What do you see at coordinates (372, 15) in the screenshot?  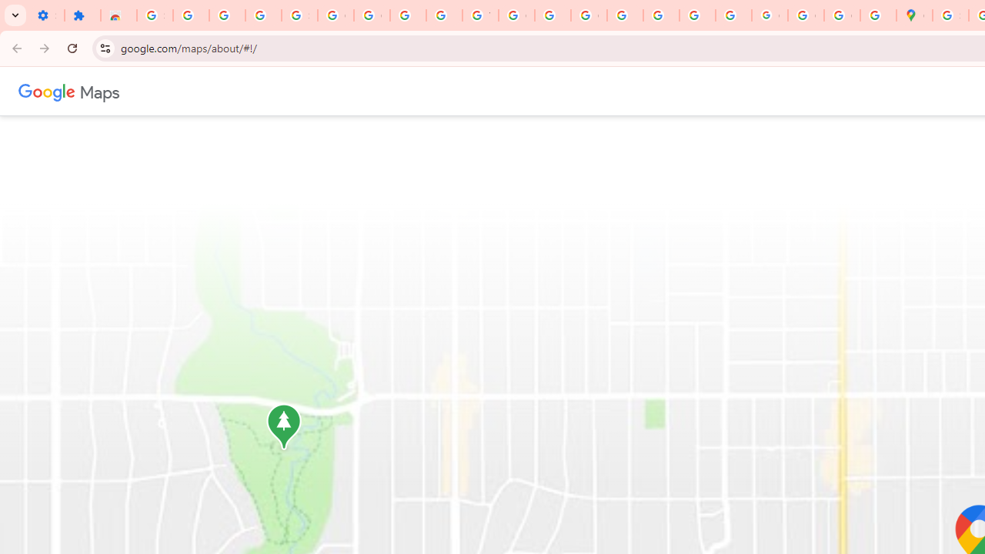 I see `'Google Account Help'` at bounding box center [372, 15].